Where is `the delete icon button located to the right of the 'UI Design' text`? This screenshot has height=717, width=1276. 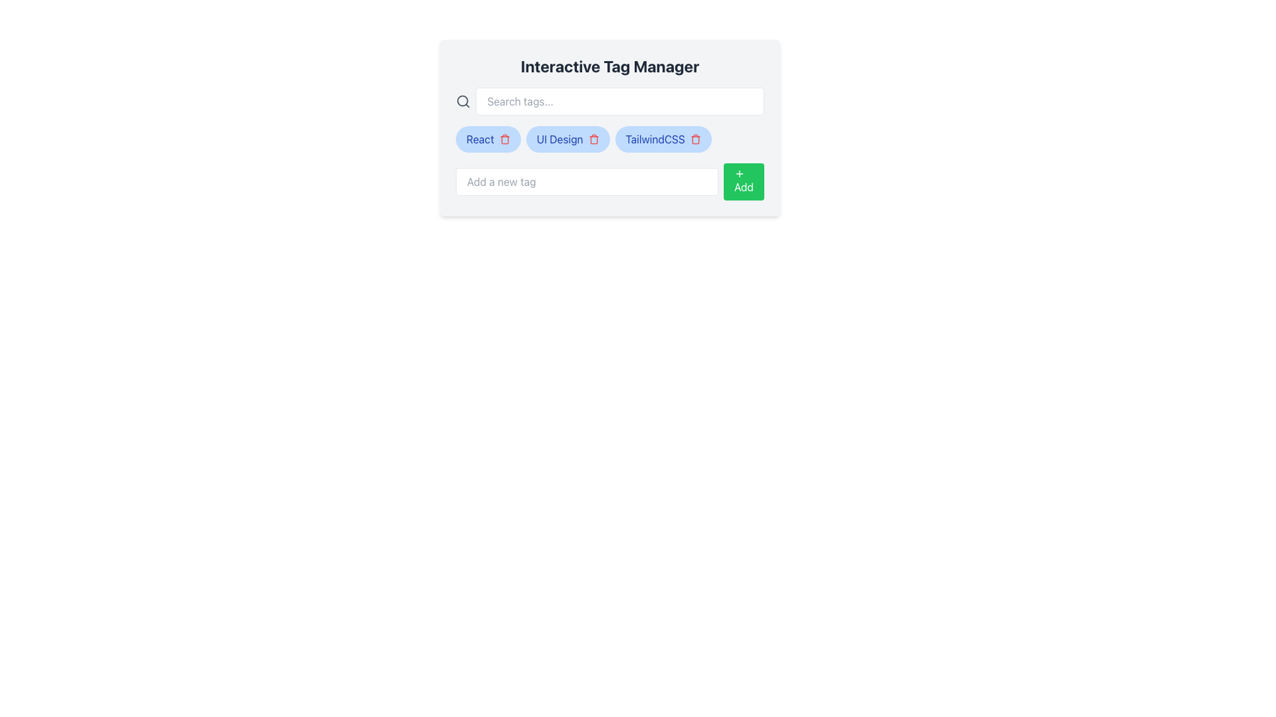
the delete icon button located to the right of the 'UI Design' text is located at coordinates (593, 139).